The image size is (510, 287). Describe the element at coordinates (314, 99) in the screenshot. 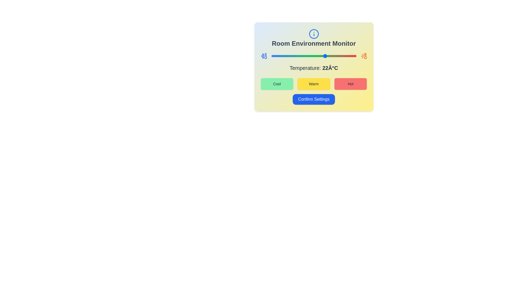

I see `the 'Confirm Settings' button to confirm the temperature` at that location.